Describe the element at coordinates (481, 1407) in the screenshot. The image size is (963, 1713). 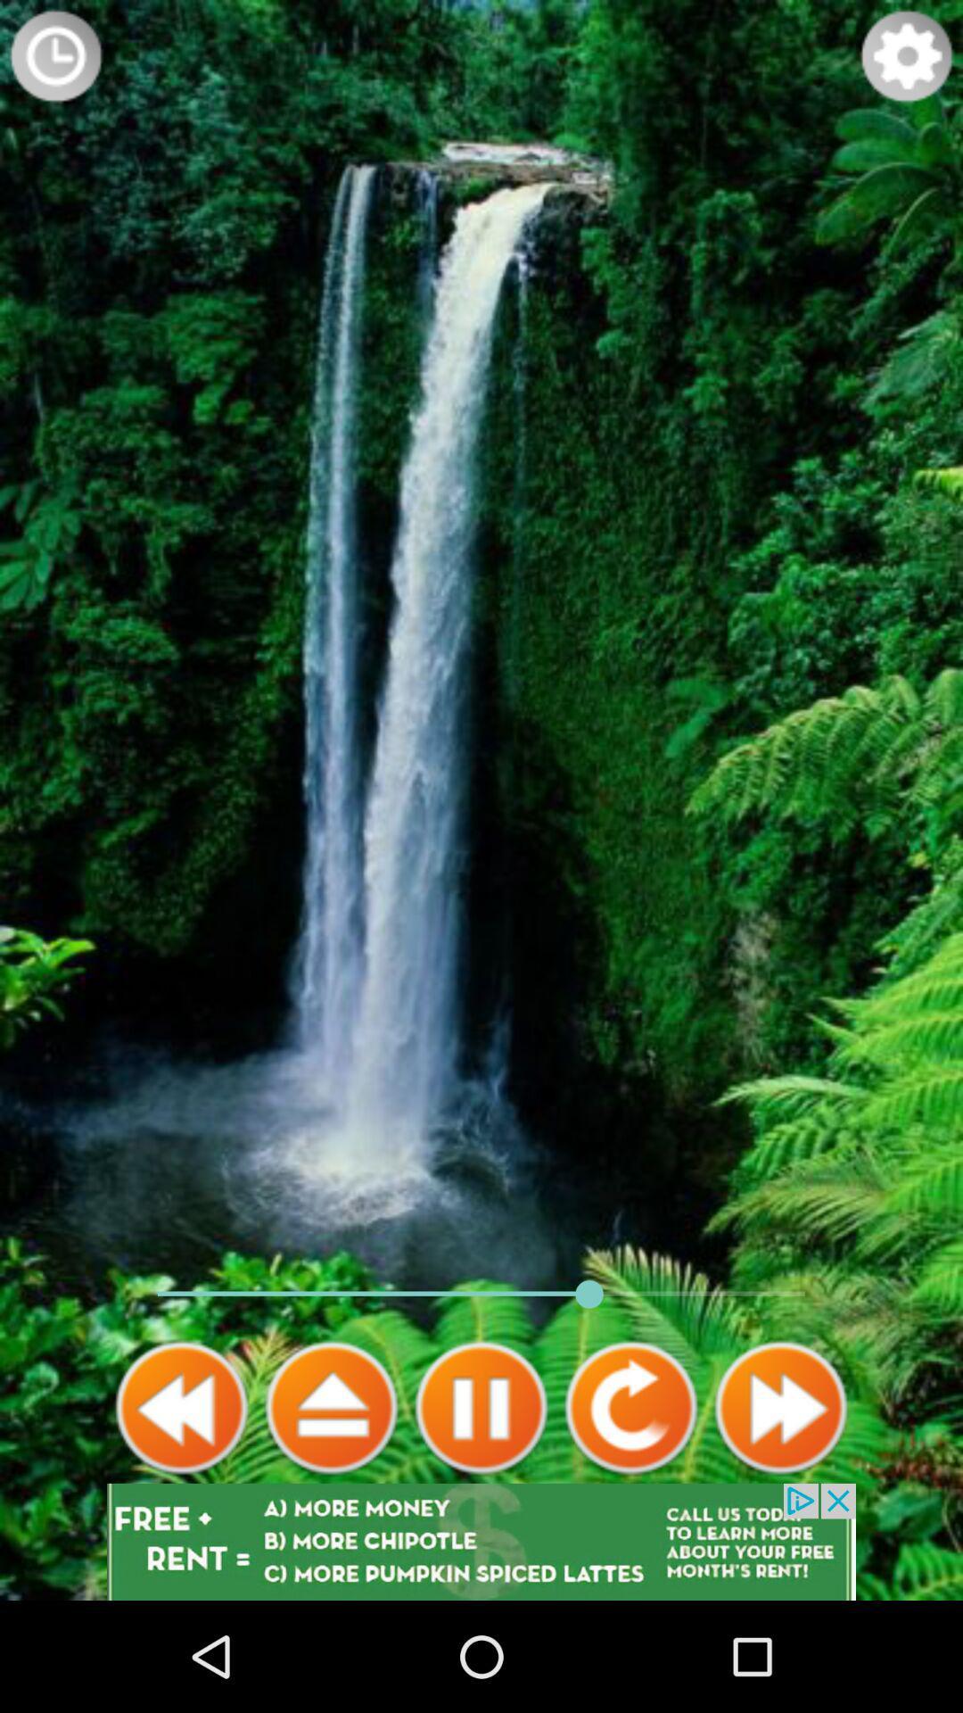
I see `pause` at that location.